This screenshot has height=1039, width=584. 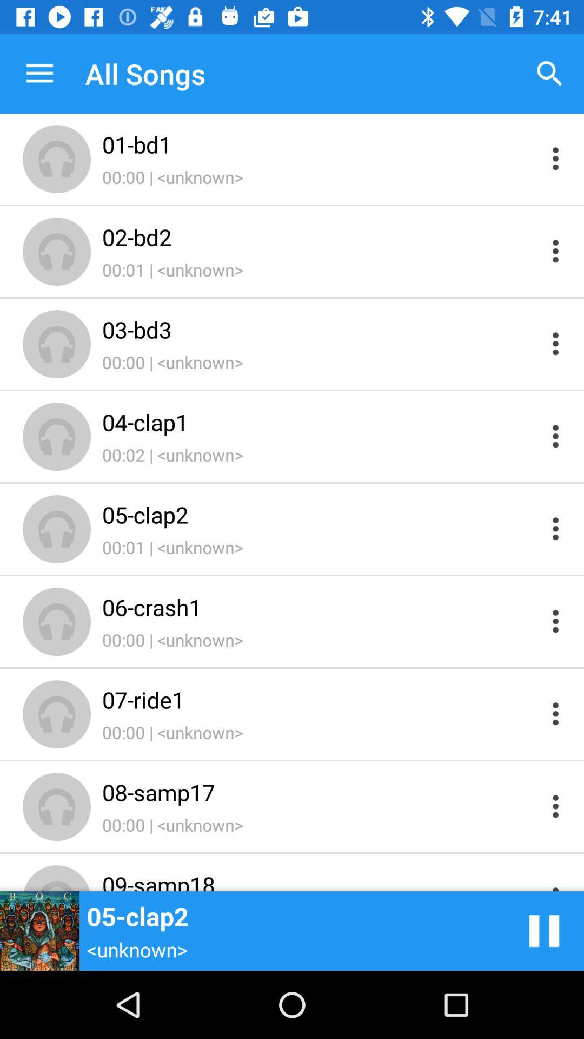 What do you see at coordinates (555, 621) in the screenshot?
I see `more information` at bounding box center [555, 621].